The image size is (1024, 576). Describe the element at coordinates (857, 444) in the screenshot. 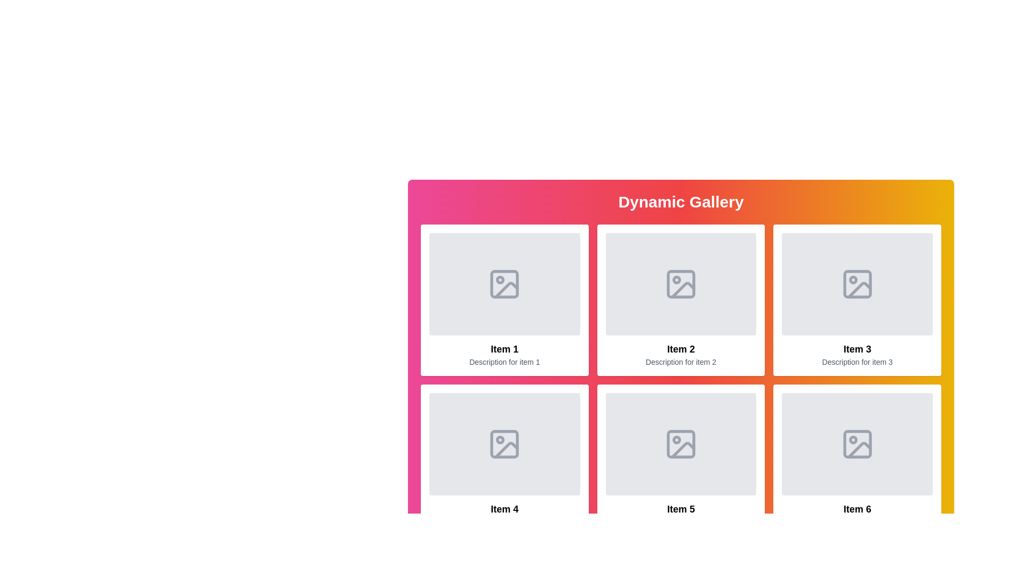

I see `the SVG icon located in the bottom-right position of the 'Item 6' card within the 'Dynamic Gallery' section to initiate an action` at that location.